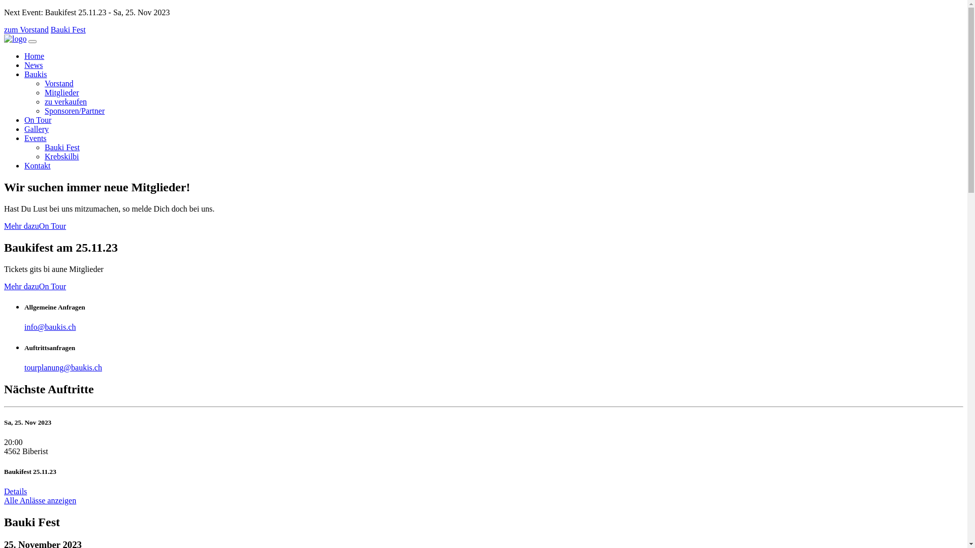 This screenshot has height=548, width=975. I want to click on 'Sponsoren/Partner', so click(44, 111).